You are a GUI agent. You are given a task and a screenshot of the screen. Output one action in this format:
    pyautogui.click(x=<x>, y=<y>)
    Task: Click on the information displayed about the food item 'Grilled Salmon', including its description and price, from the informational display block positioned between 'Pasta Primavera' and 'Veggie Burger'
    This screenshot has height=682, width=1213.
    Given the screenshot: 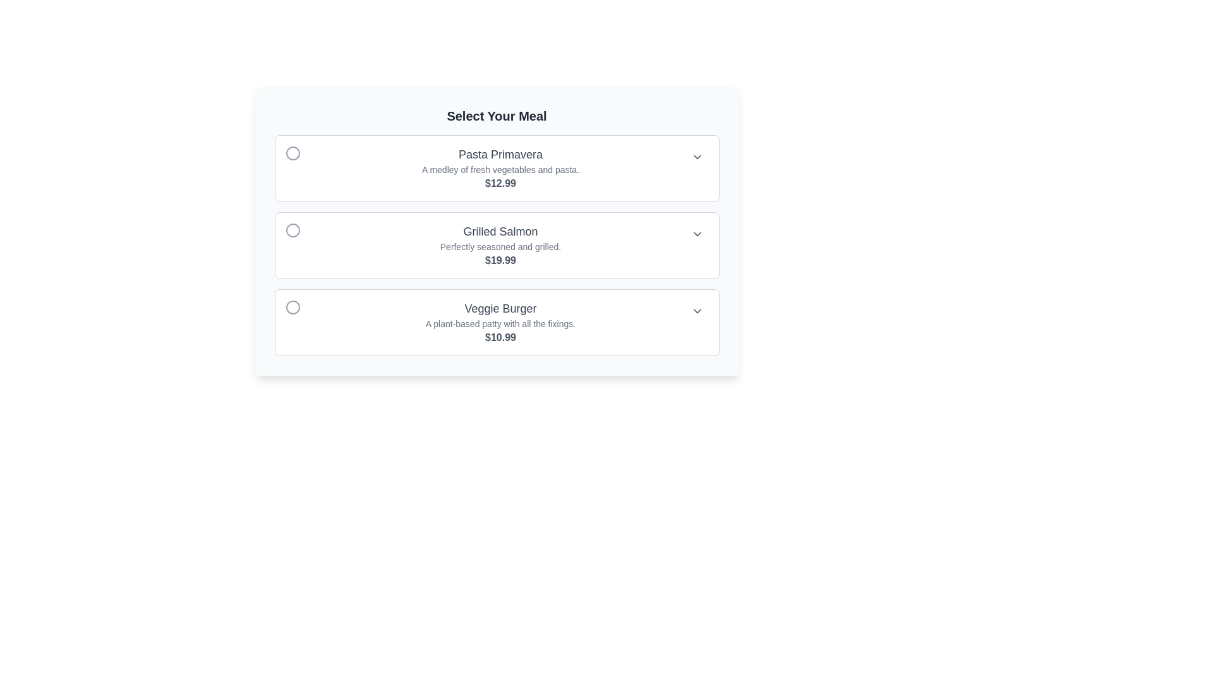 What is the action you would take?
    pyautogui.click(x=500, y=246)
    